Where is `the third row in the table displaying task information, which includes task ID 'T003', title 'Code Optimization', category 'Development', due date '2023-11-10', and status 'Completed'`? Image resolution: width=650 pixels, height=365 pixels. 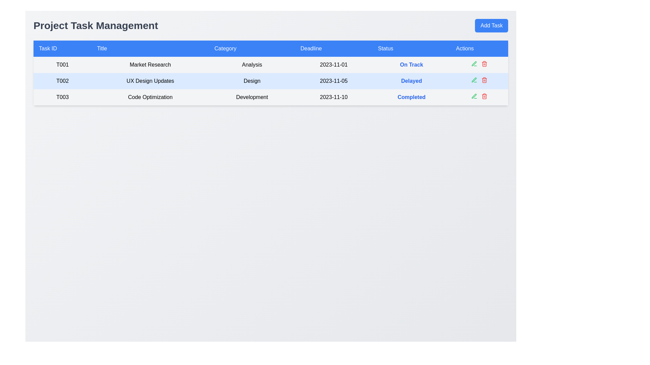 the third row in the table displaying task information, which includes task ID 'T003', title 'Code Optimization', category 'Development', due date '2023-11-10', and status 'Completed' is located at coordinates (271, 97).